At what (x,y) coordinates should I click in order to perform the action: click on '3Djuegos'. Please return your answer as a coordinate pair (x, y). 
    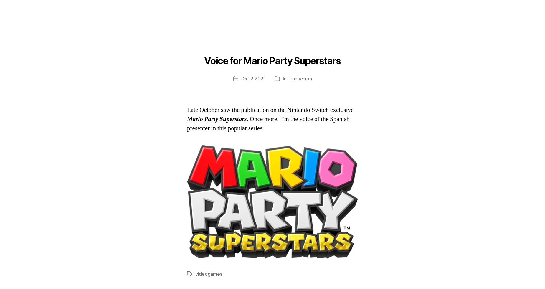
    Looking at the image, I should click on (261, 37).